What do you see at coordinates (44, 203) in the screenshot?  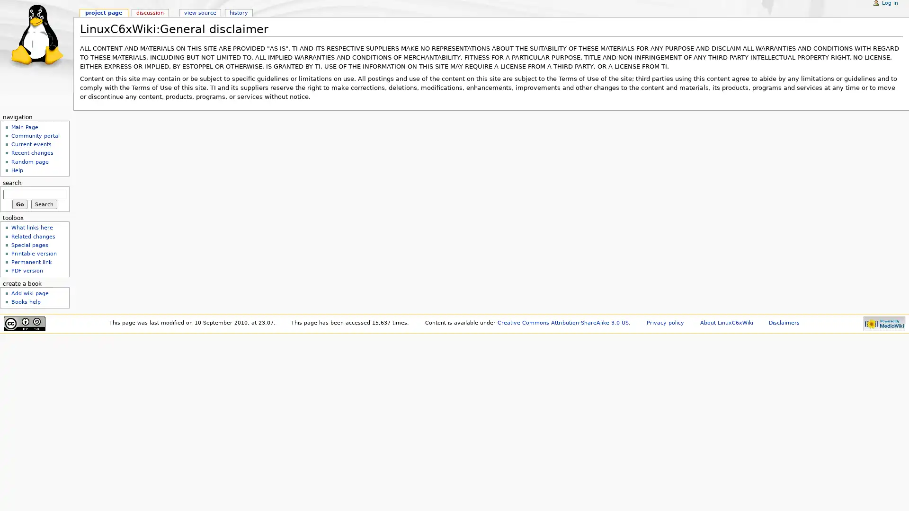 I see `Search` at bounding box center [44, 203].